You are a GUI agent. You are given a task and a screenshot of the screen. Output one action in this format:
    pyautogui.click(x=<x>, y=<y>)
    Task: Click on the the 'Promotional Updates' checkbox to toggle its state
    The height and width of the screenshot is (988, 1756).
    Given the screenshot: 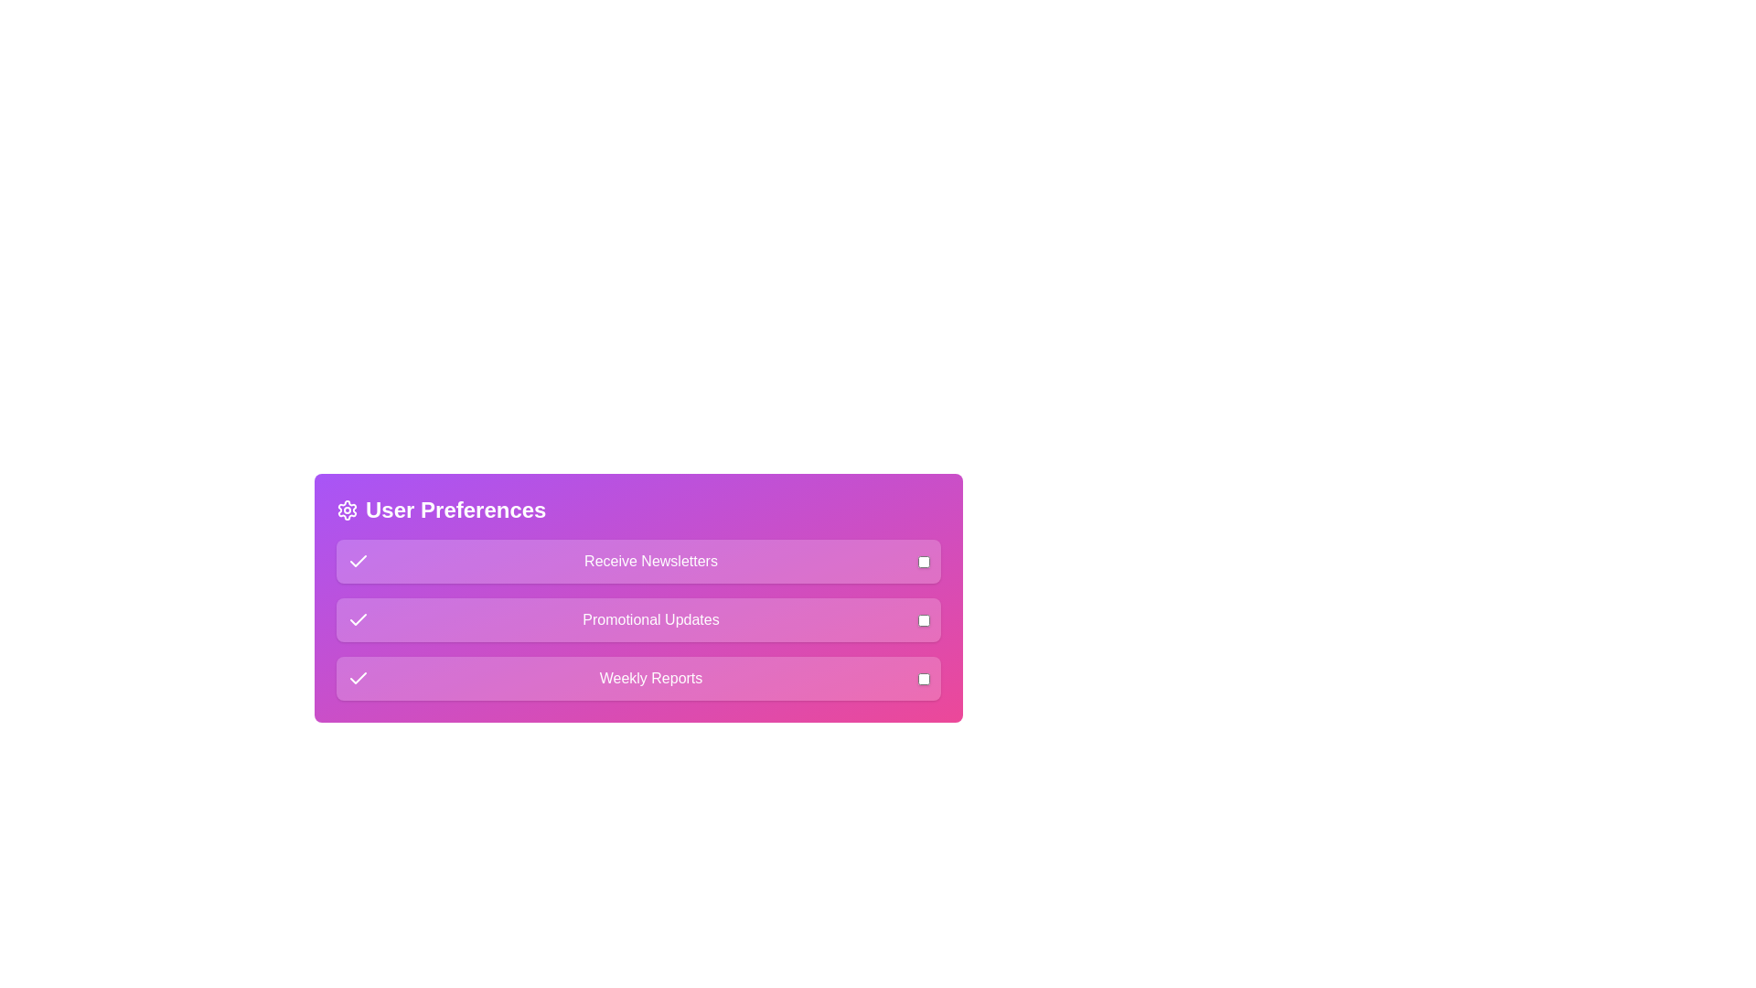 What is the action you would take?
    pyautogui.click(x=924, y=619)
    